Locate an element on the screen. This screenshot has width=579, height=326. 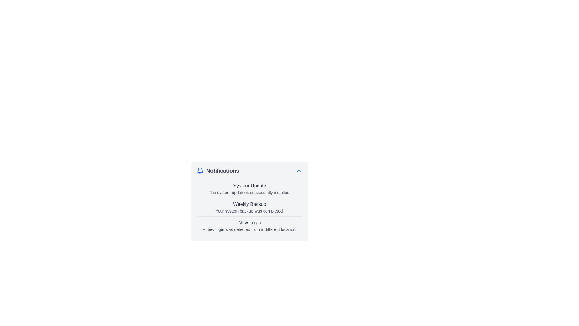
text displayed in the title of the notification block titled 'System Update', which is positioned directly above the text 'The system update is successfully installed' is located at coordinates (250, 186).